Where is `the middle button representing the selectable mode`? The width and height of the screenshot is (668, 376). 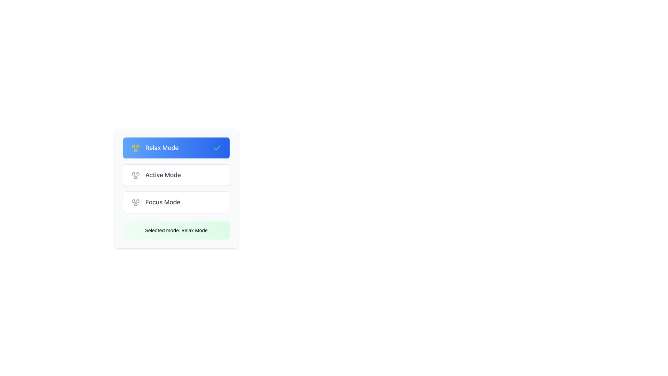
the middle button representing the selectable mode is located at coordinates (176, 174).